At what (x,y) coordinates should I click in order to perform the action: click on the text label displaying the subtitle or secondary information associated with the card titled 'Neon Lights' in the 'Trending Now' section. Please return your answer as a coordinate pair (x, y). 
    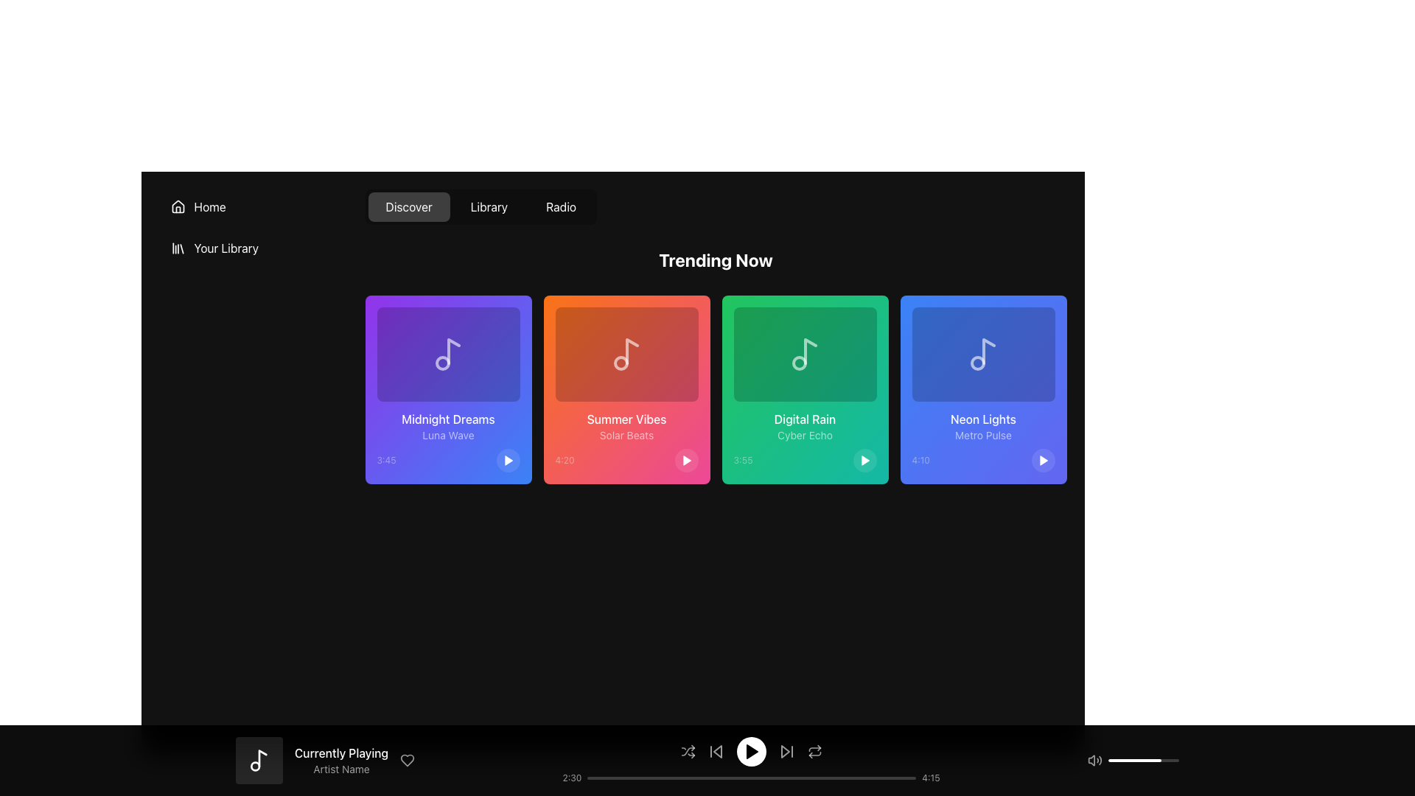
    Looking at the image, I should click on (983, 434).